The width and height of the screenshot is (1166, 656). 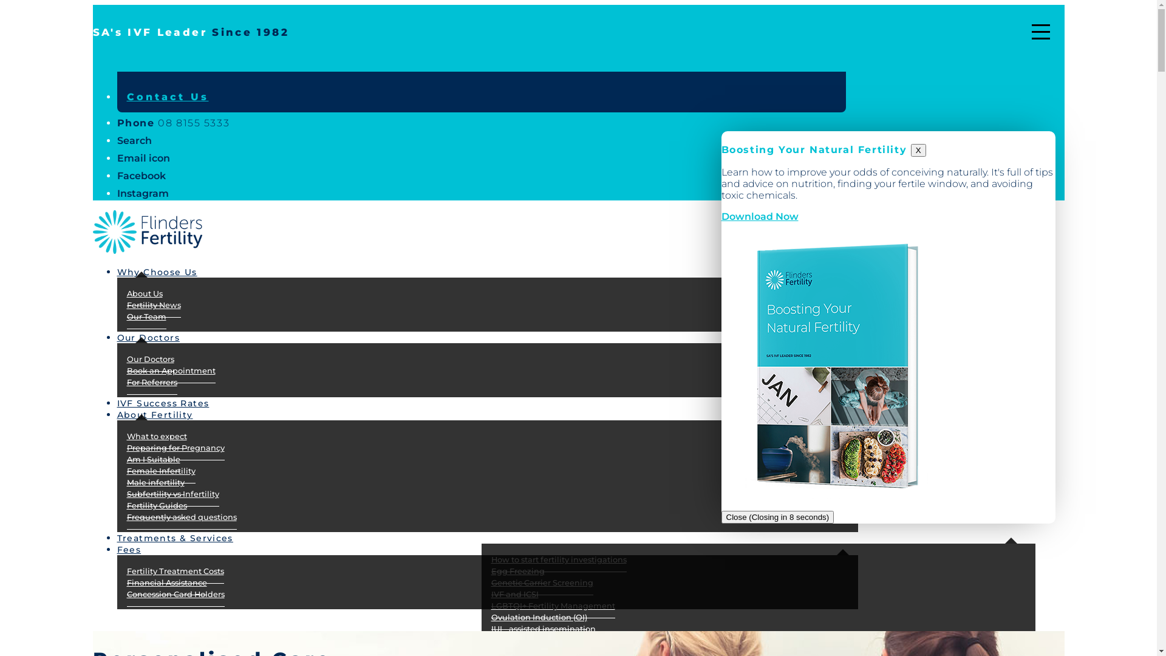 I want to click on 'Financial Assistance', so click(x=126, y=583).